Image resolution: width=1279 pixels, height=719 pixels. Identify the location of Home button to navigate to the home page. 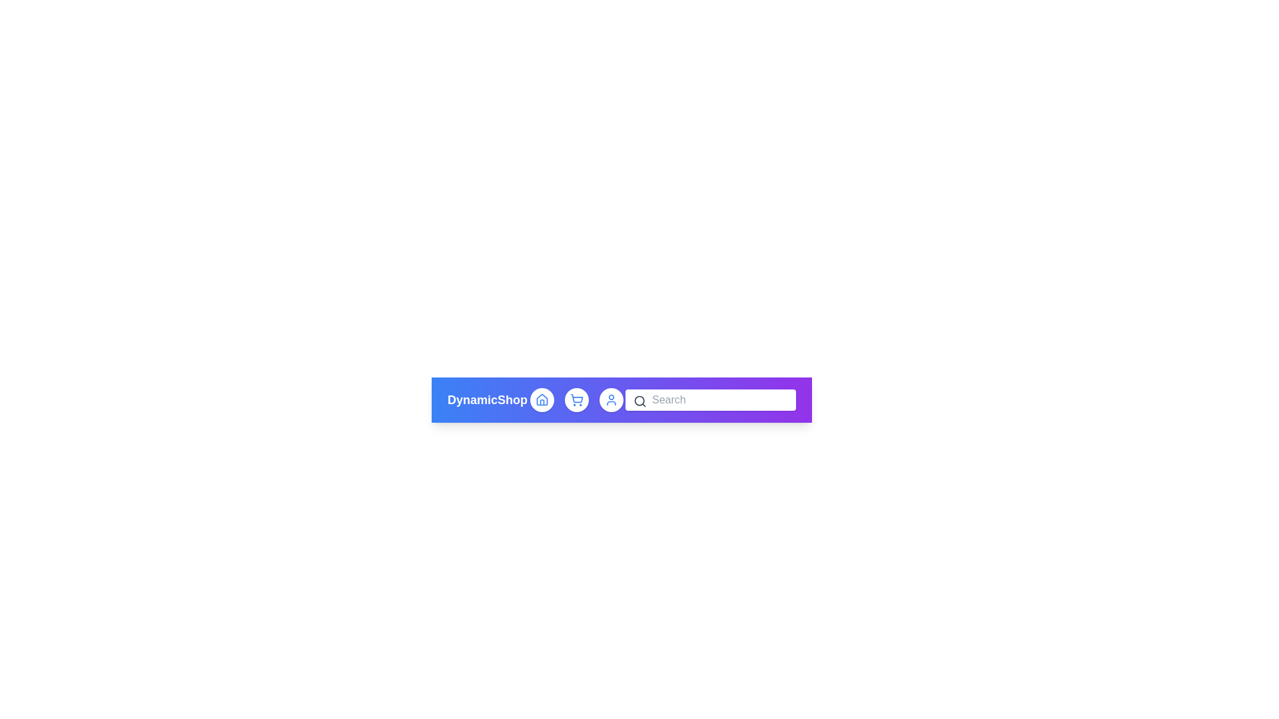
(542, 399).